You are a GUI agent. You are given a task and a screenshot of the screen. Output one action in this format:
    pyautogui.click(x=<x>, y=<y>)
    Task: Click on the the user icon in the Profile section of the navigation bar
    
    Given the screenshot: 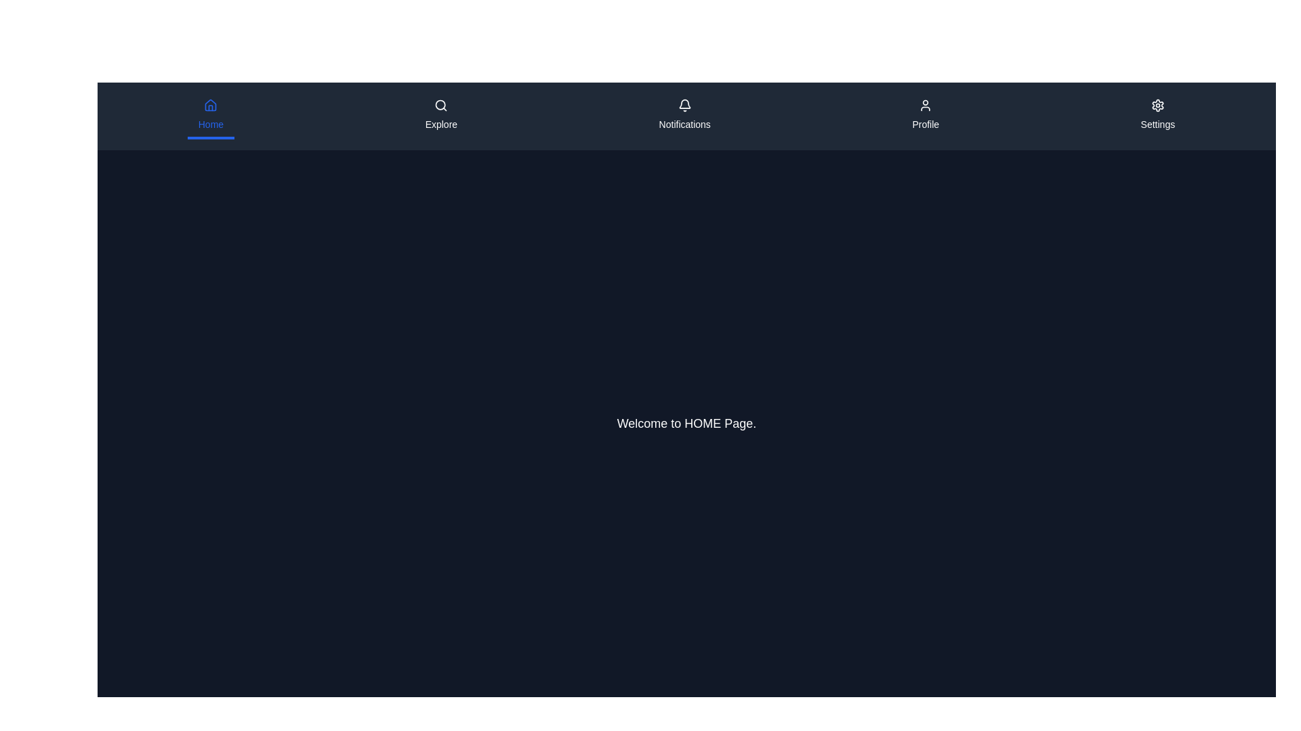 What is the action you would take?
    pyautogui.click(x=925, y=104)
    